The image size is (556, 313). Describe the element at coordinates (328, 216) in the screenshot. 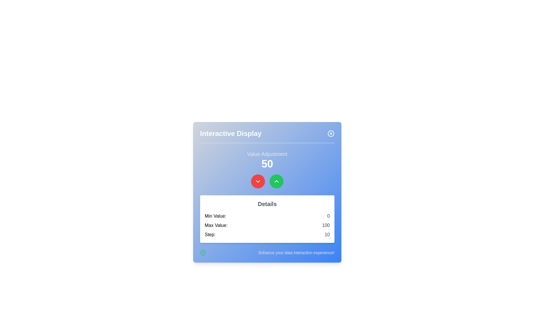

I see `the text label displaying the numeral '0', which is in gray color and located next to the label 'Min Value:' within the 'Details' card` at that location.